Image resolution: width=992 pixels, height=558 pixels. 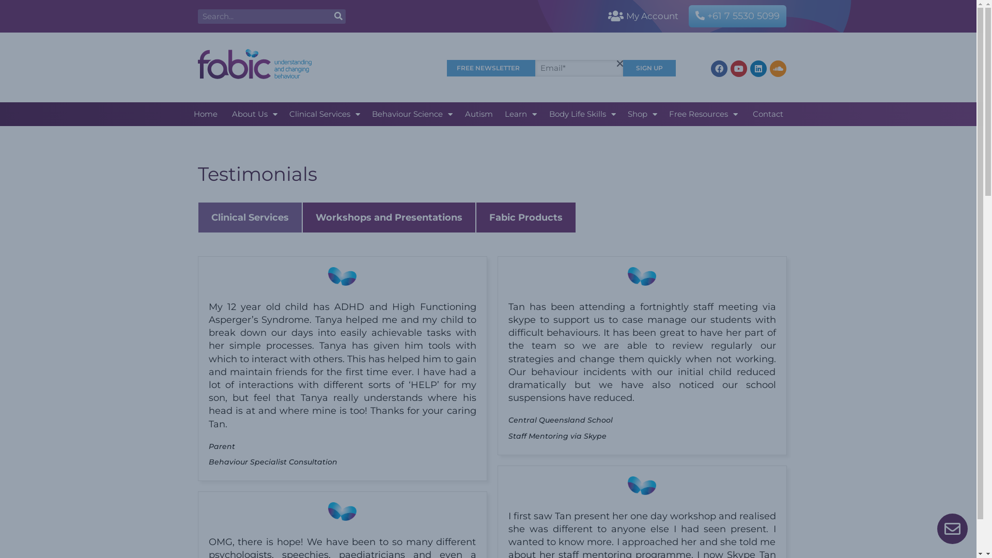 What do you see at coordinates (689, 16) in the screenshot?
I see `'+61 7 5530 5099'` at bounding box center [689, 16].